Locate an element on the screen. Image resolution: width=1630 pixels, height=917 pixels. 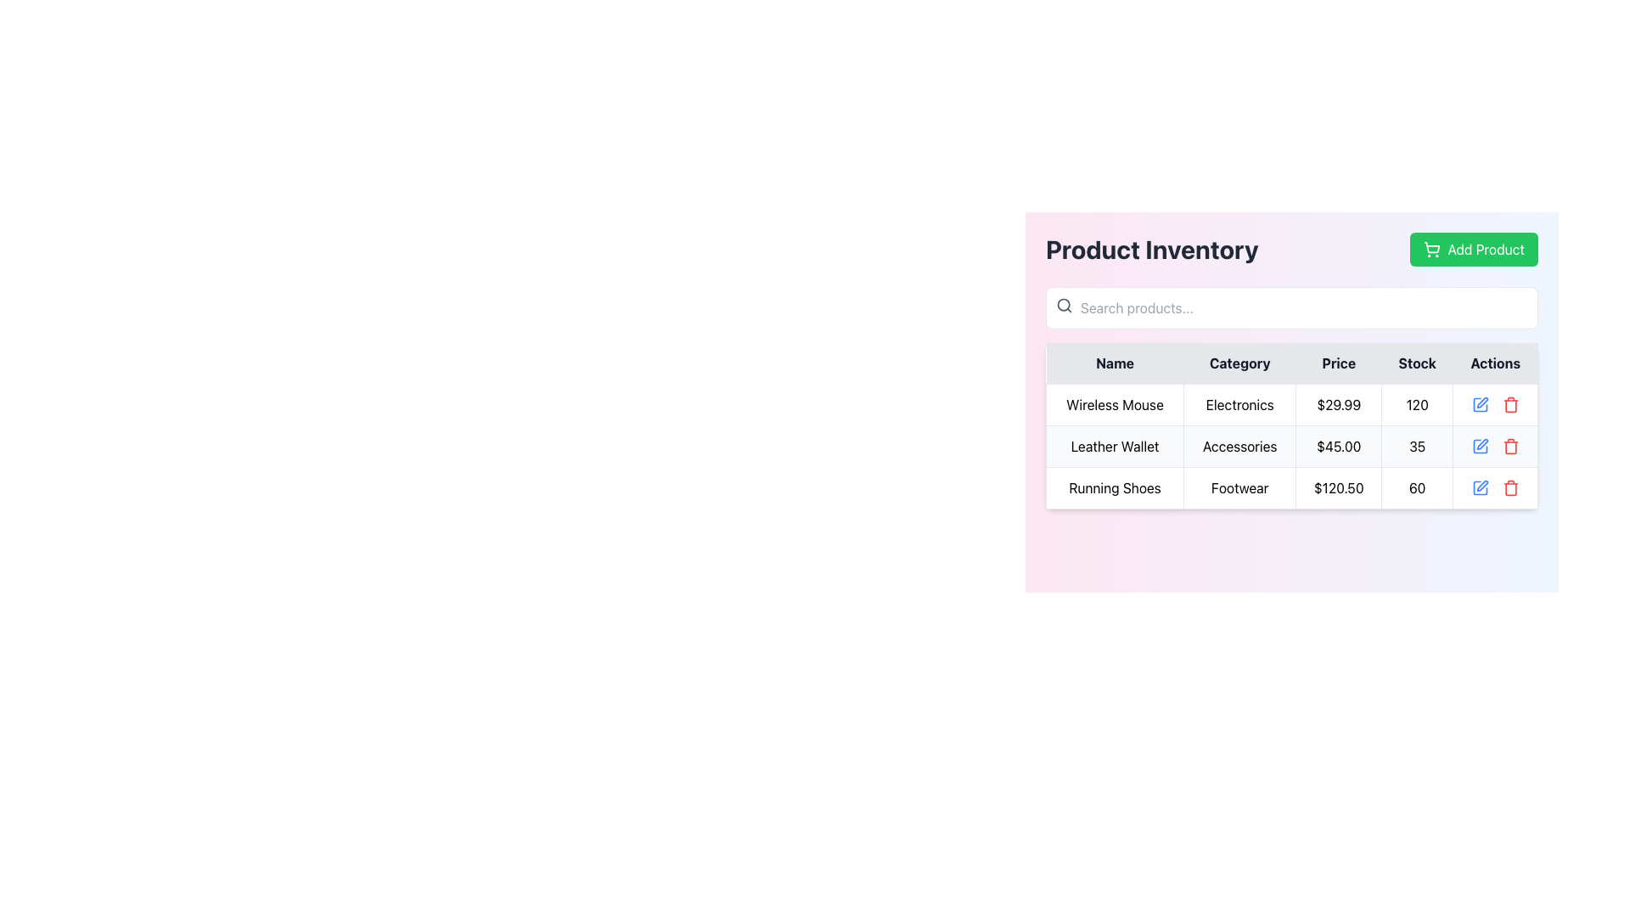
the search icon resembling a magnifying glass, which is styled with a thin outline and appears in gray, located at the far-left end of the search input field near the top of the product inventory interface is located at coordinates (1063, 304).